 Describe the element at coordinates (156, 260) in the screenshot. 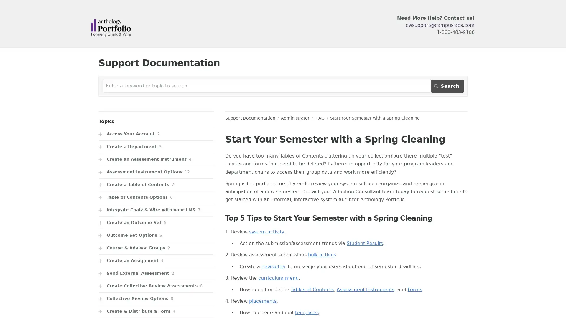

I see `Create an Assignment 4` at that location.